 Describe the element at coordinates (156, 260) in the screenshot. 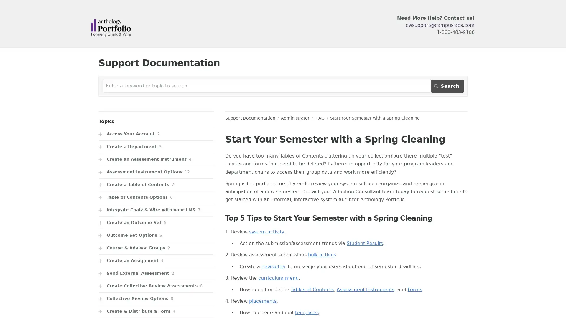

I see `Create an Assignment 4` at that location.